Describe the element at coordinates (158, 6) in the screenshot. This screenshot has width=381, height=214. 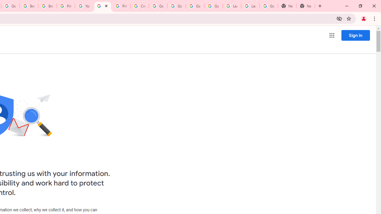
I see `'Google Account Help'` at that location.